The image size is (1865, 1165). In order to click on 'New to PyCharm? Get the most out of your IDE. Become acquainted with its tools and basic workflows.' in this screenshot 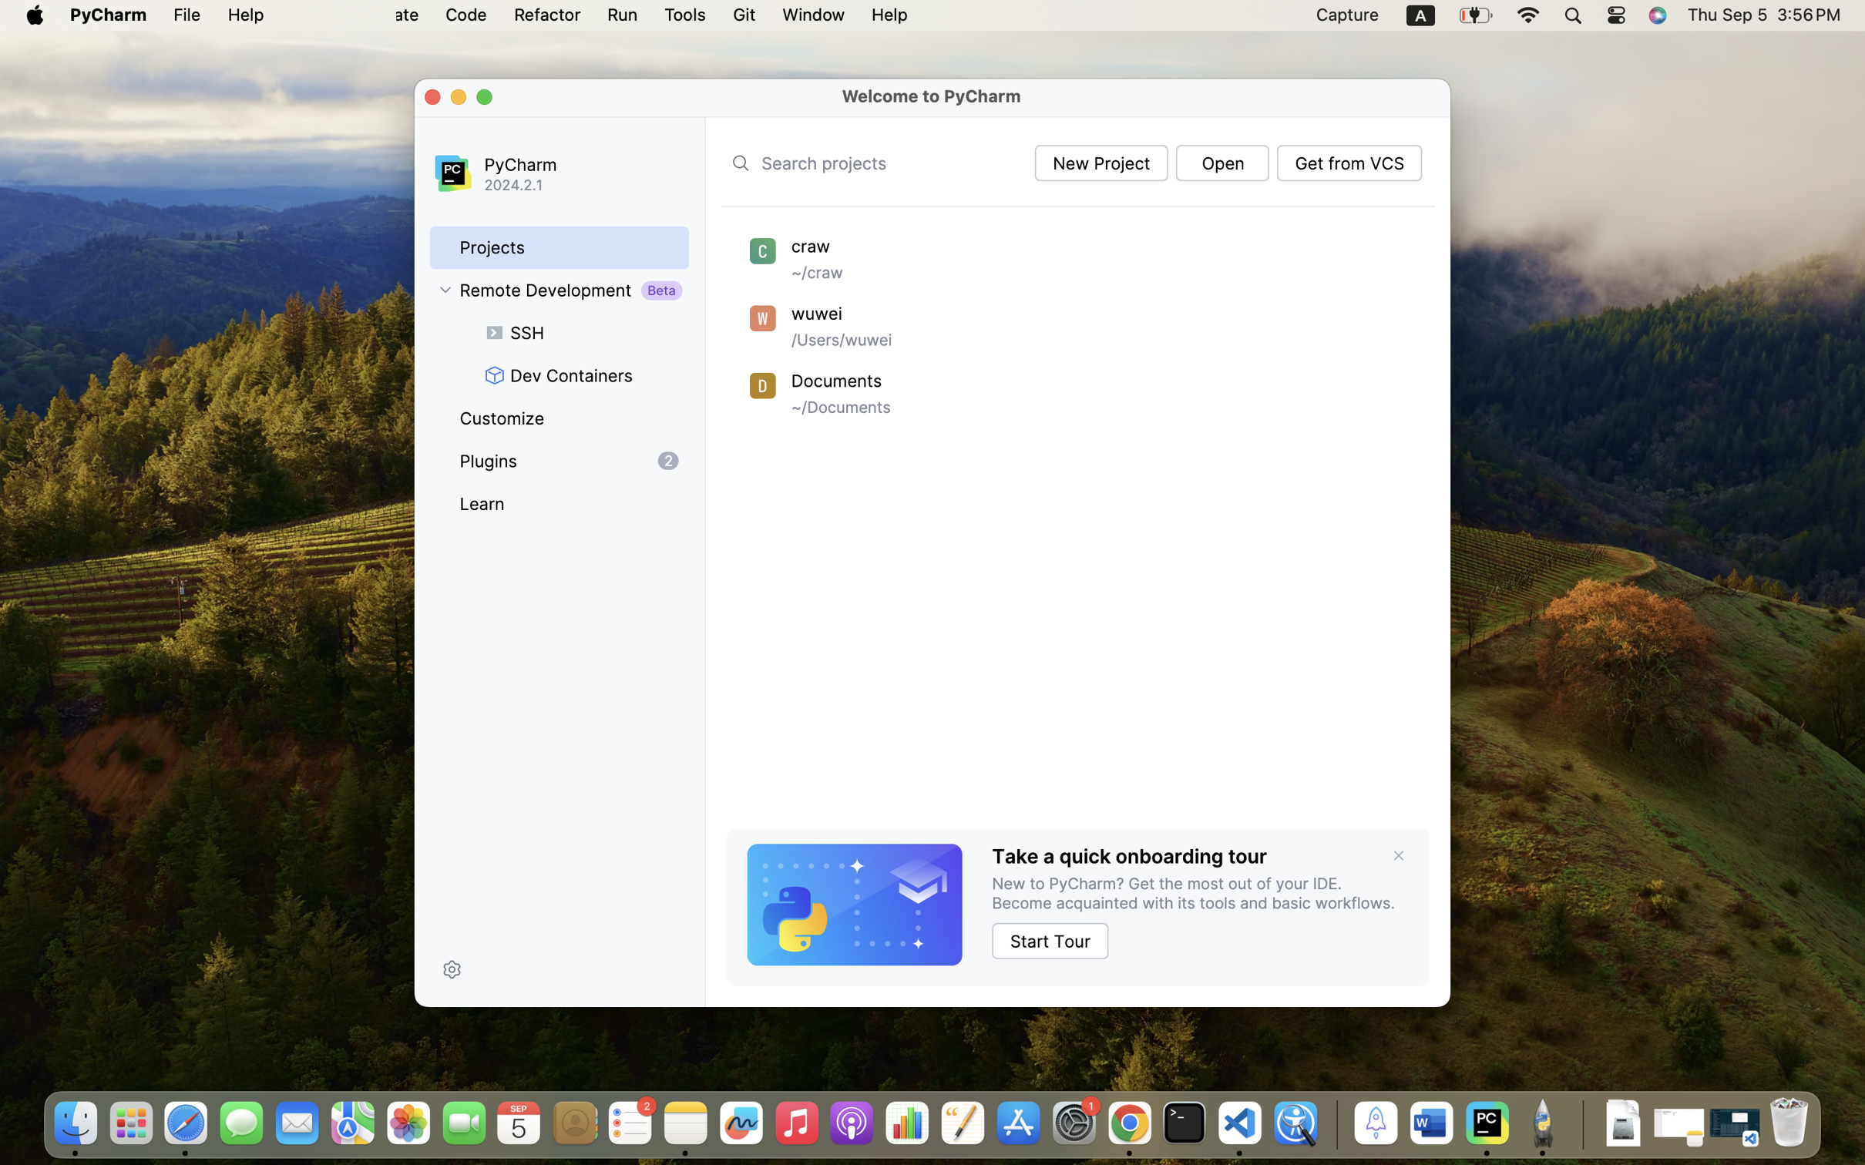, I will do `click(1200, 893)`.